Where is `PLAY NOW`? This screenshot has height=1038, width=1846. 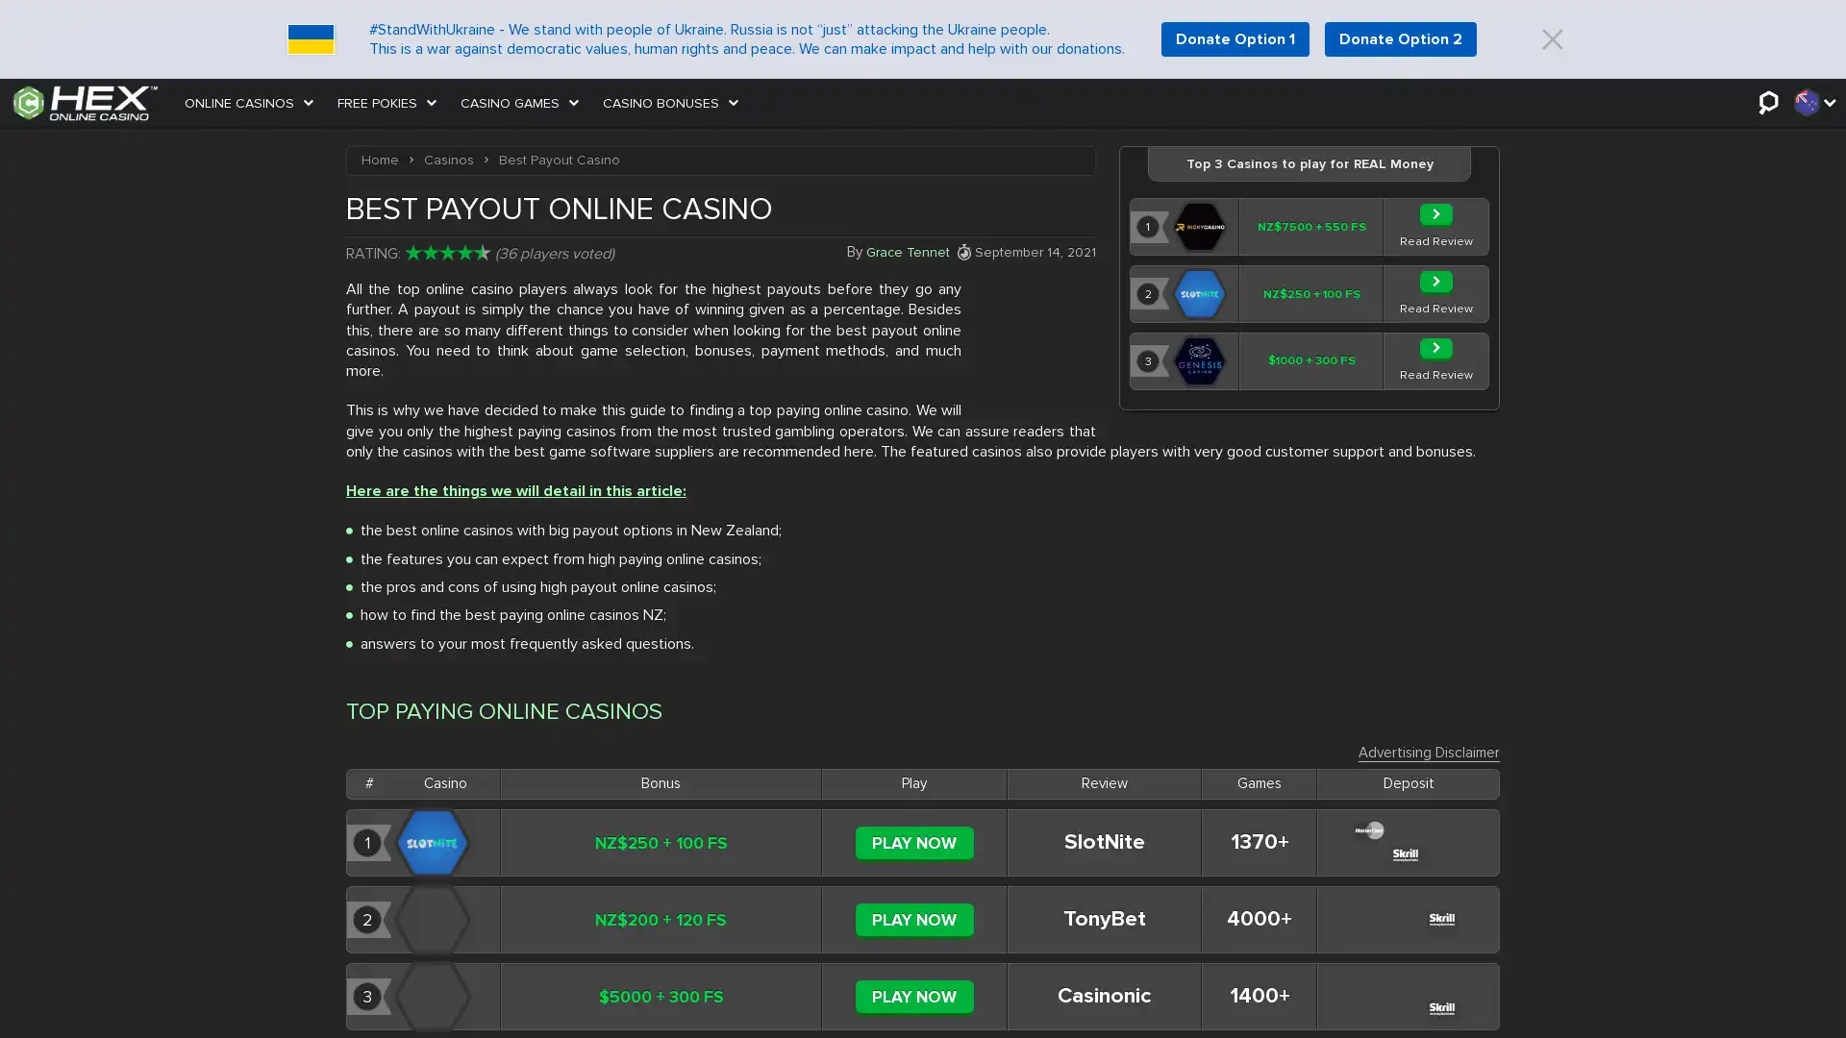 PLAY NOW is located at coordinates (912, 841).